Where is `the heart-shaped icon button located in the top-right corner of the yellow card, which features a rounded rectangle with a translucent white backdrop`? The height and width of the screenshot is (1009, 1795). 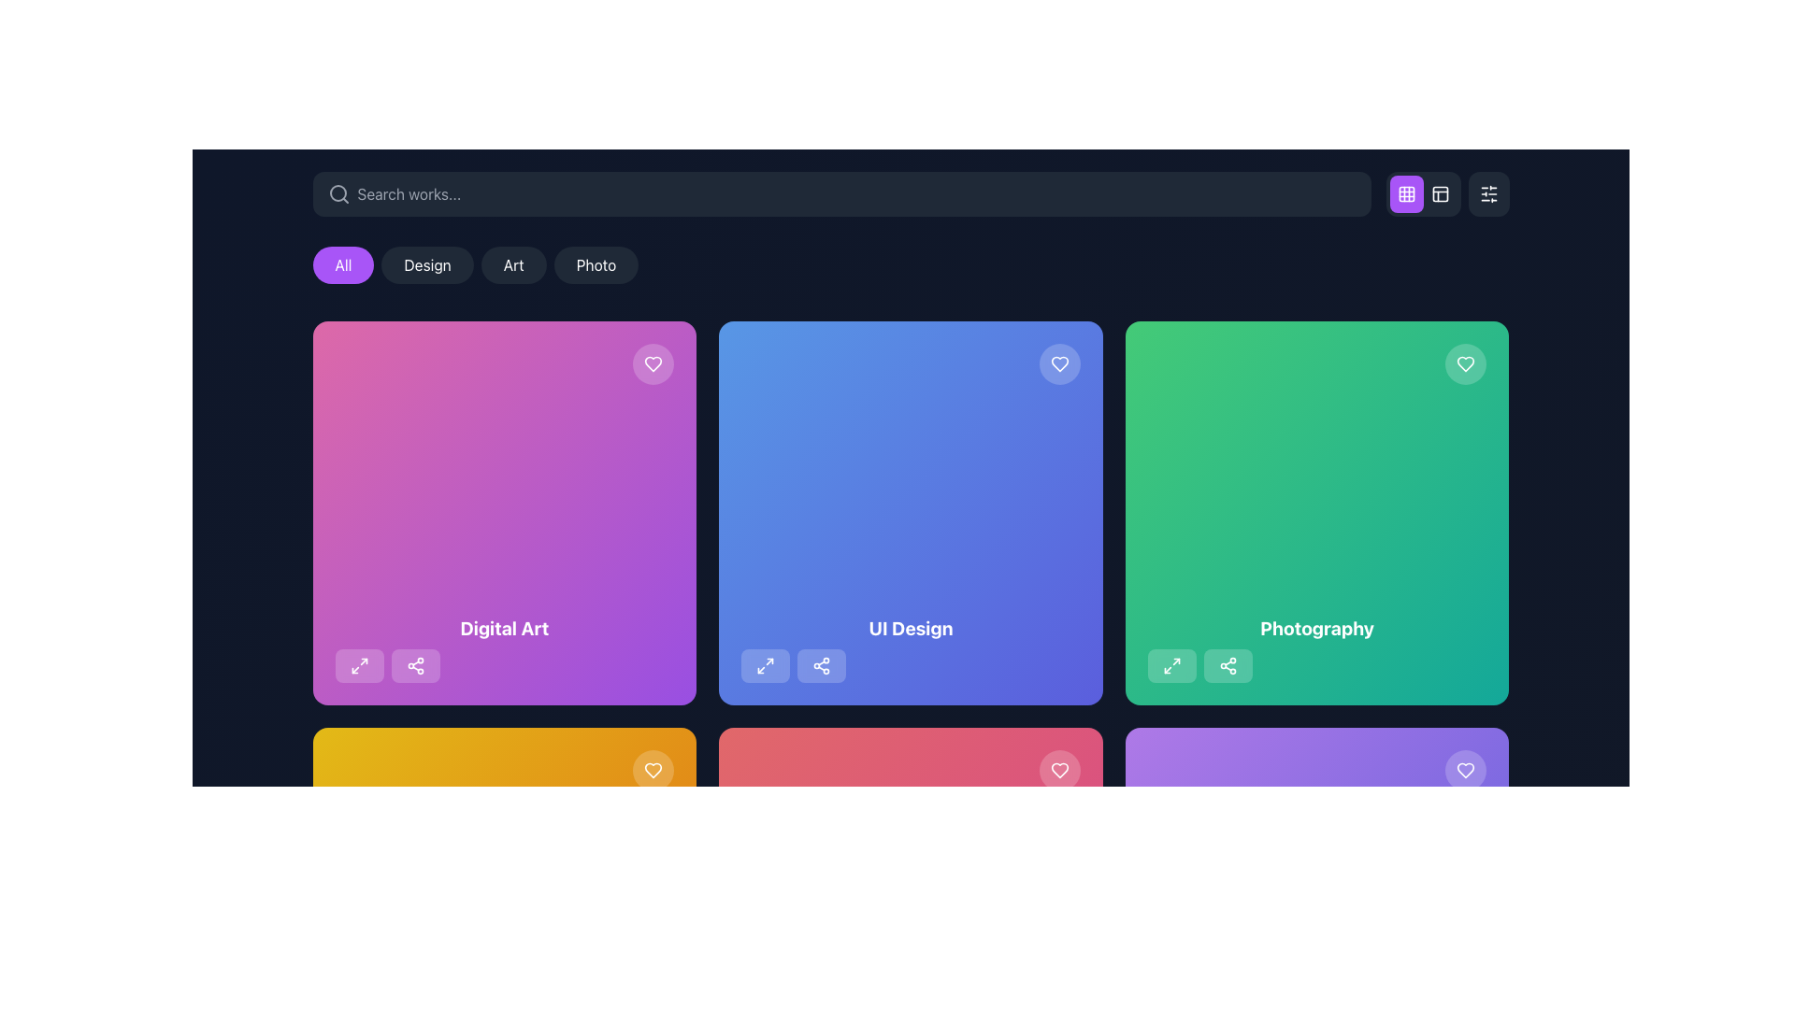 the heart-shaped icon button located in the top-right corner of the yellow card, which features a rounded rectangle with a translucent white backdrop is located at coordinates (653, 770).